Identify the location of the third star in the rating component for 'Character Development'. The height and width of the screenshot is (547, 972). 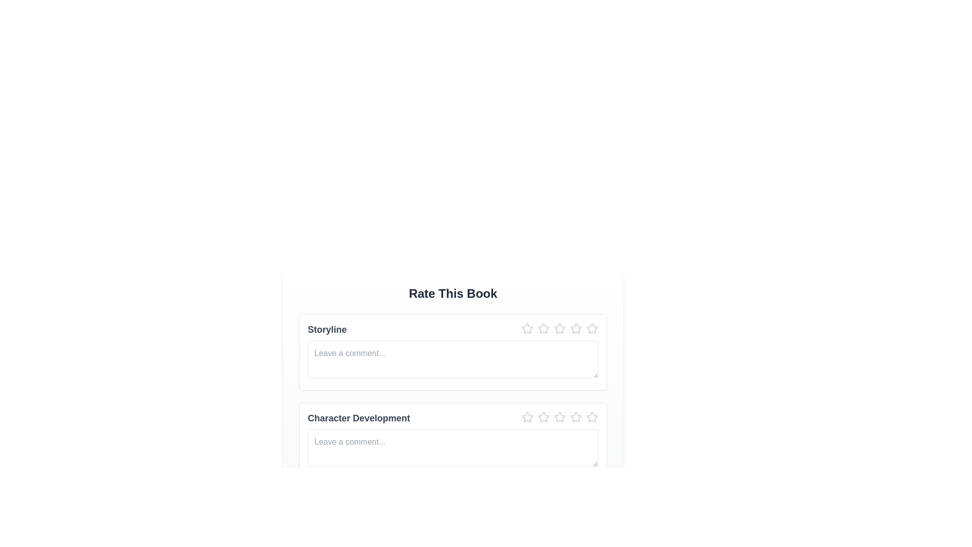
(559, 418).